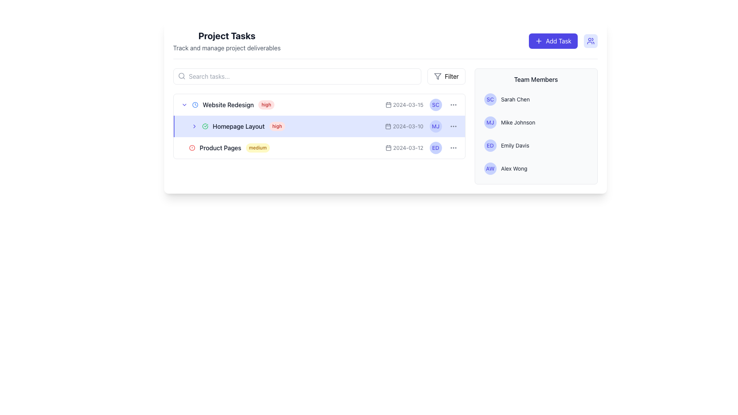 Image resolution: width=738 pixels, height=415 pixels. Describe the element at coordinates (535, 133) in the screenshot. I see `a user entry in the list of user entries, which is part of the 'Team Members' section` at that location.